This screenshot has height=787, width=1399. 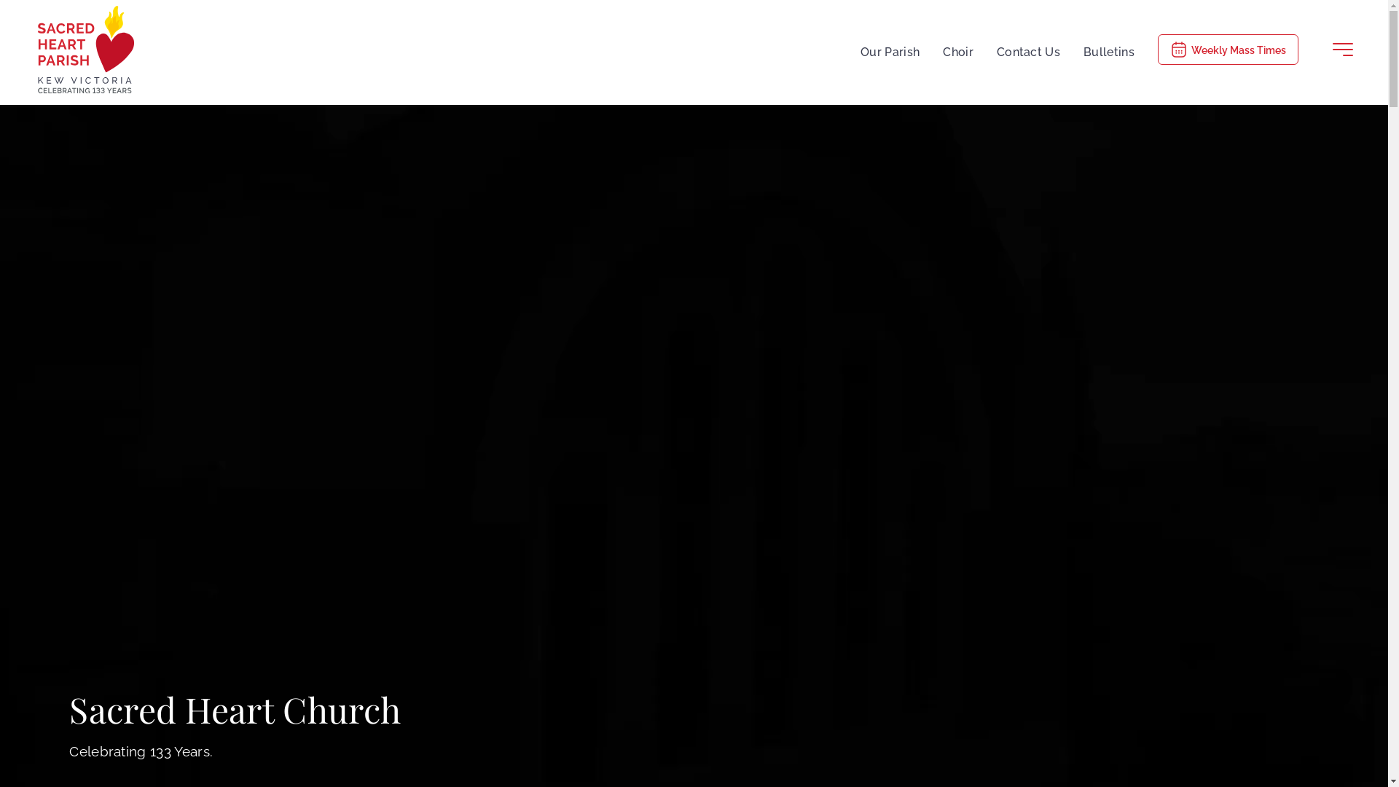 I want to click on 'Contact Us', so click(x=1027, y=49).